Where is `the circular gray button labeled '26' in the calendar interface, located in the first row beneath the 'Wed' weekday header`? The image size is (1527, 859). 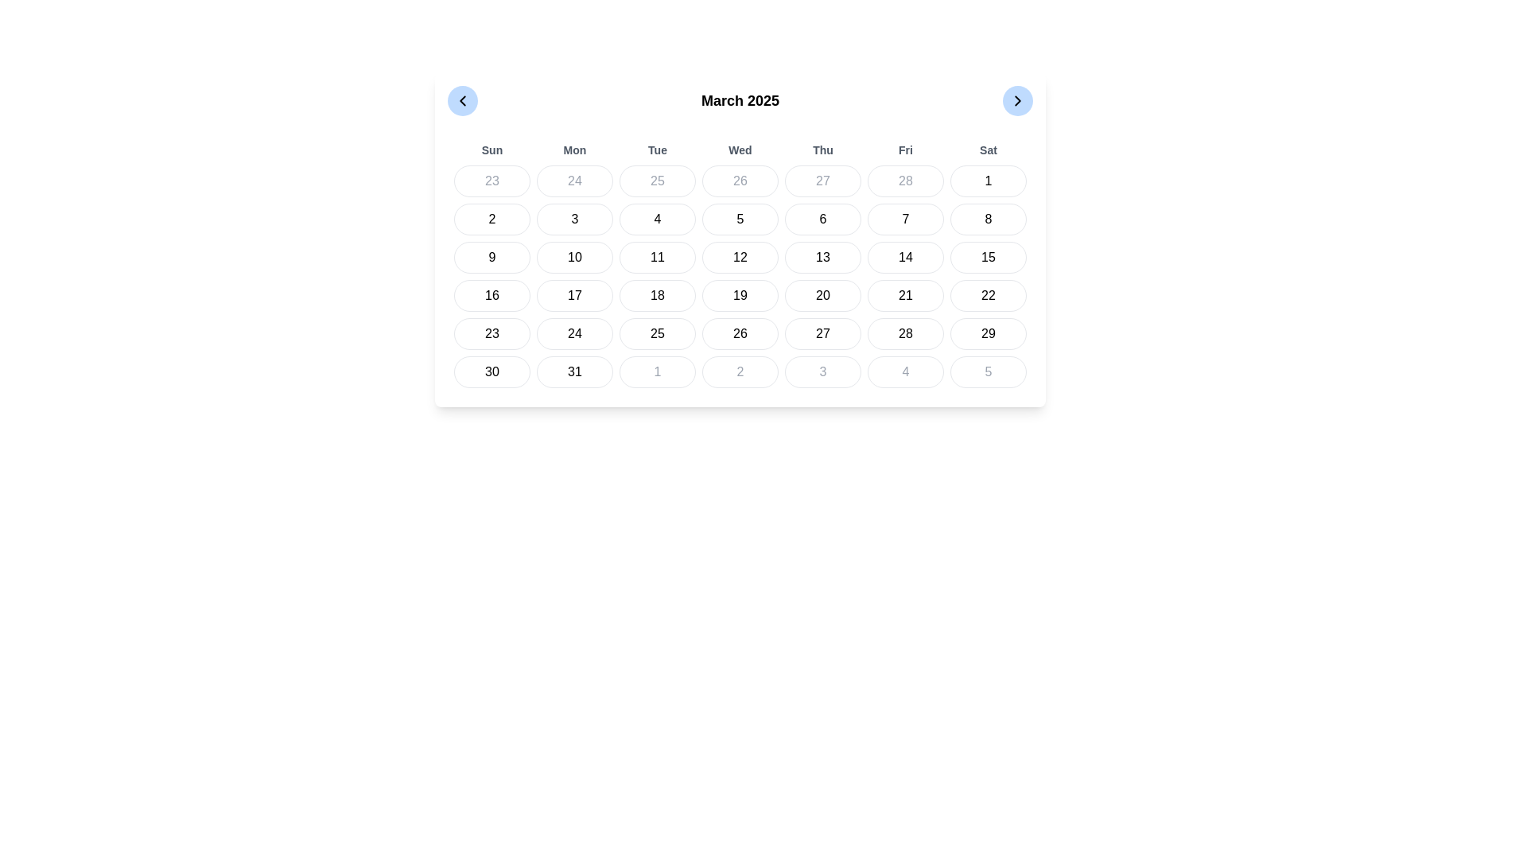 the circular gray button labeled '26' in the calendar interface, located in the first row beneath the 'Wed' weekday header is located at coordinates (740, 180).